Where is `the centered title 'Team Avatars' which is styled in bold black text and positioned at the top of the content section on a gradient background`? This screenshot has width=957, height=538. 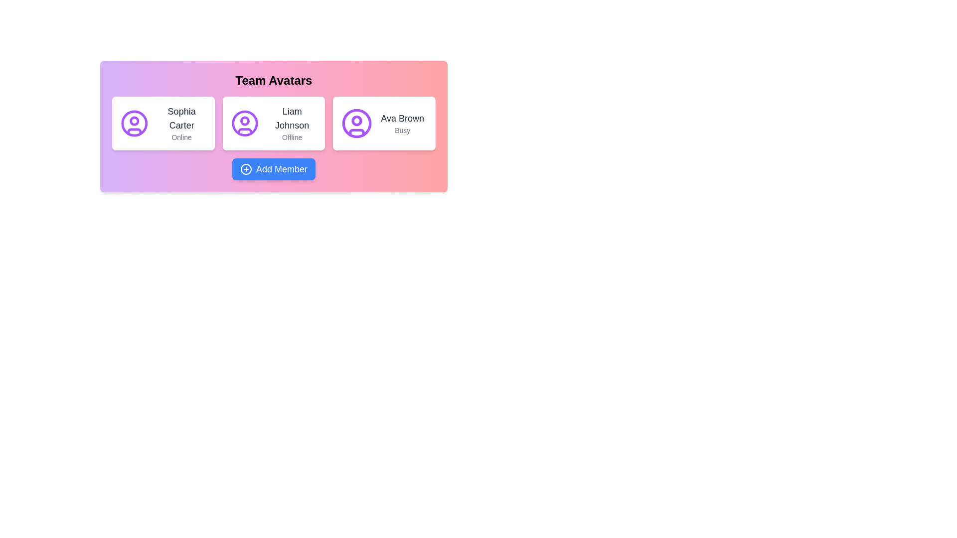
the centered title 'Team Avatars' which is styled in bold black text and positioned at the top of the content section on a gradient background is located at coordinates (274, 80).